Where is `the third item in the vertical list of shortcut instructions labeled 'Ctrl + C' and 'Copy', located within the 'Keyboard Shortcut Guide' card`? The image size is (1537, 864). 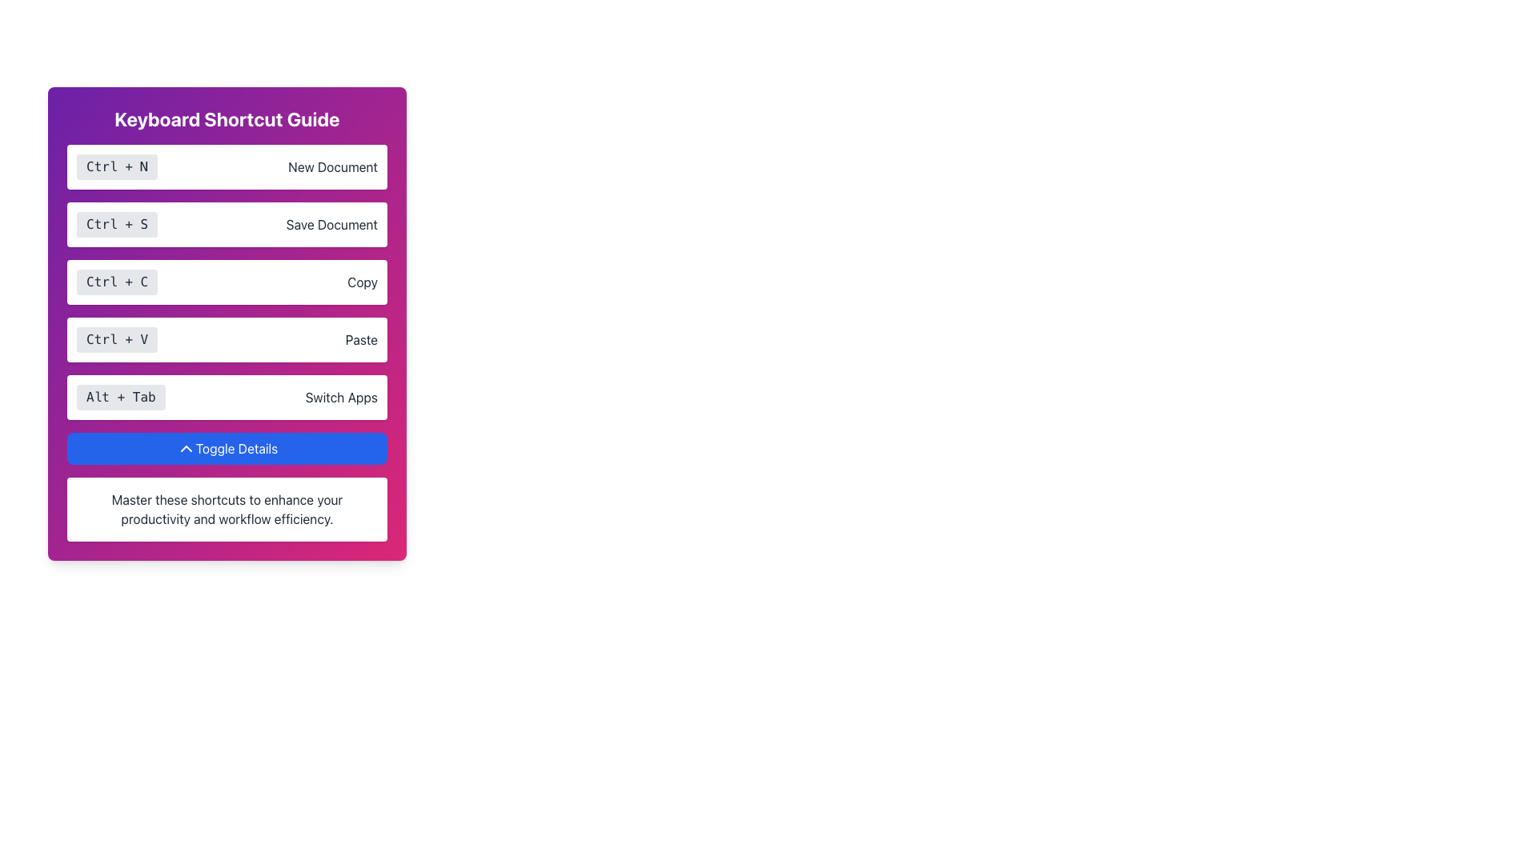 the third item in the vertical list of shortcut instructions labeled 'Ctrl + C' and 'Copy', located within the 'Keyboard Shortcut Guide' card is located at coordinates (226, 282).